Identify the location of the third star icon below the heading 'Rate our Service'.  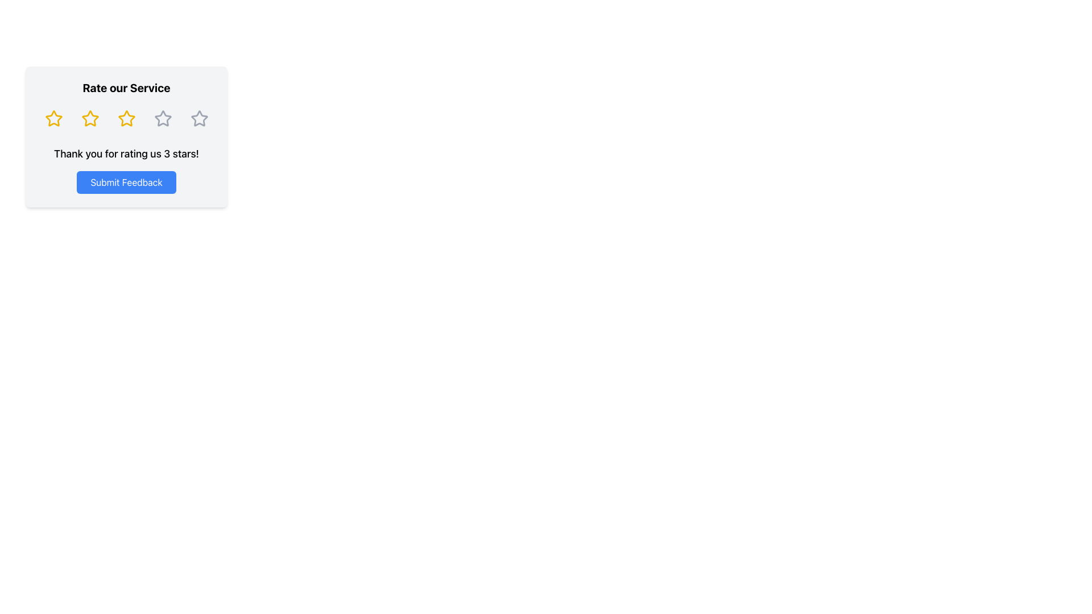
(162, 118).